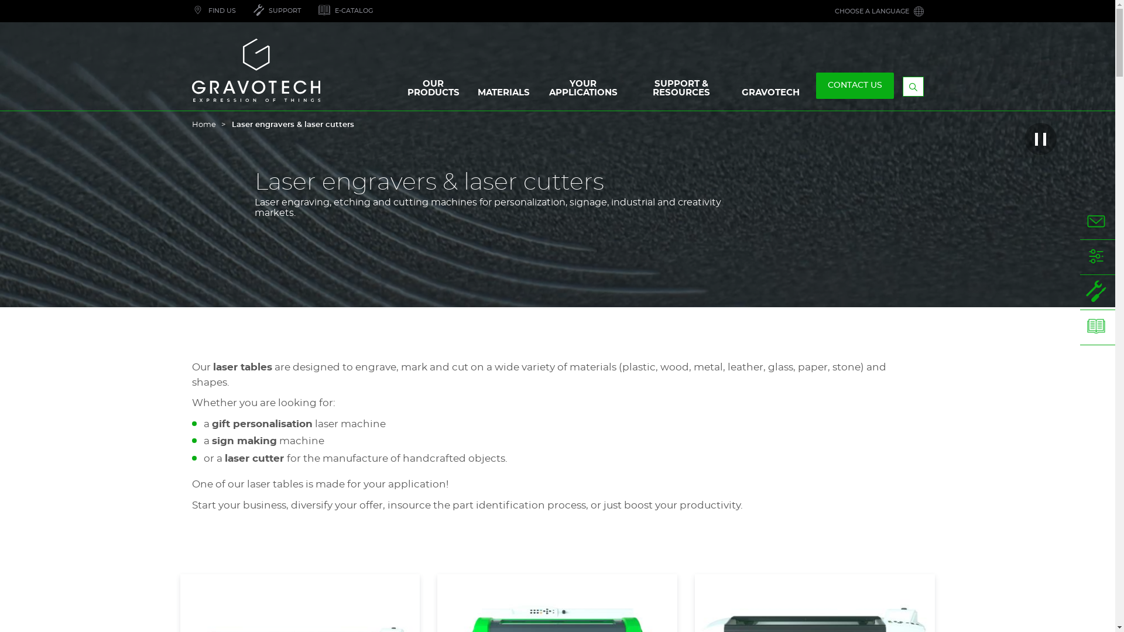 The width and height of the screenshot is (1124, 632). Describe the element at coordinates (309, 11) in the screenshot. I see `'CREATED WITH LUNACY` at that location.